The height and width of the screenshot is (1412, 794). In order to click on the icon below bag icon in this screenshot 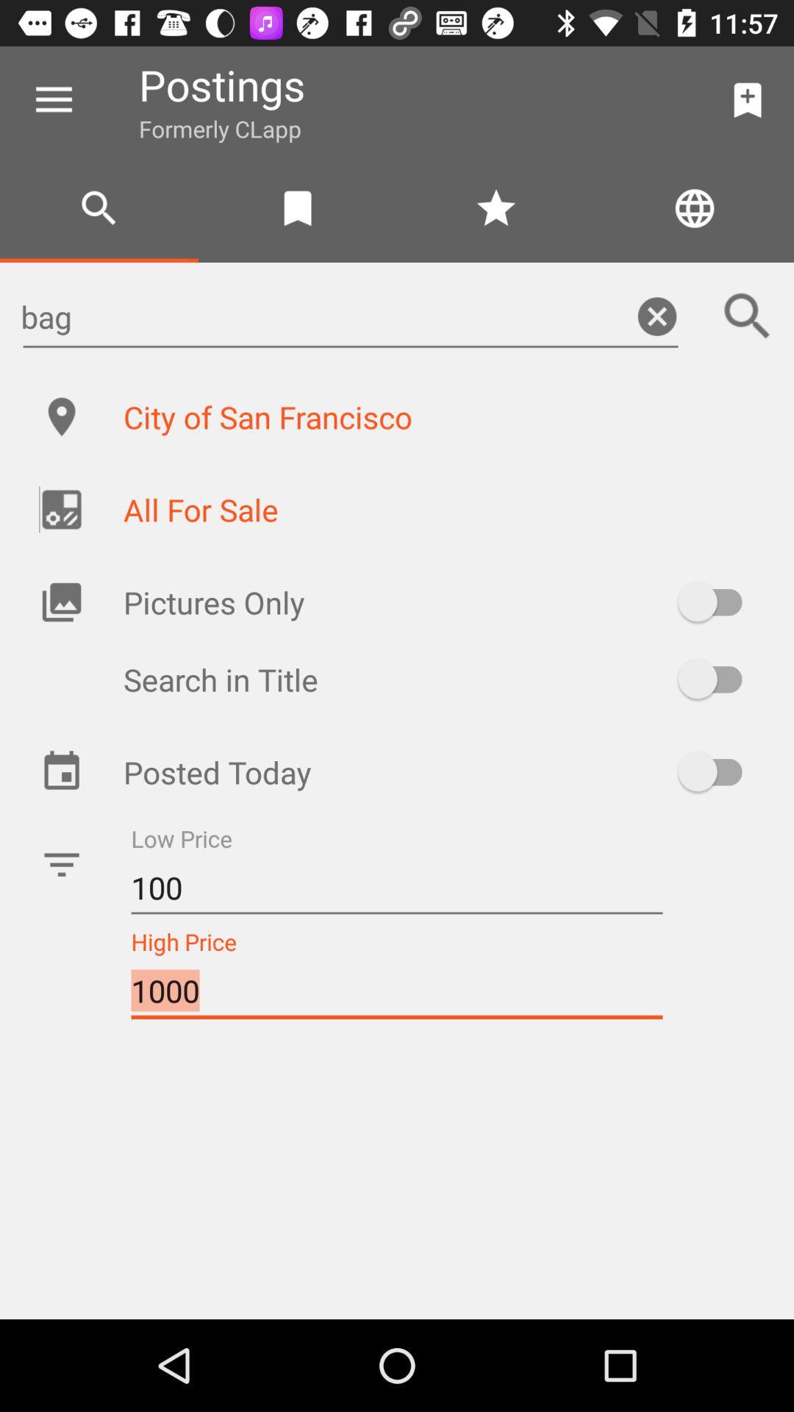, I will do `click(442, 416)`.